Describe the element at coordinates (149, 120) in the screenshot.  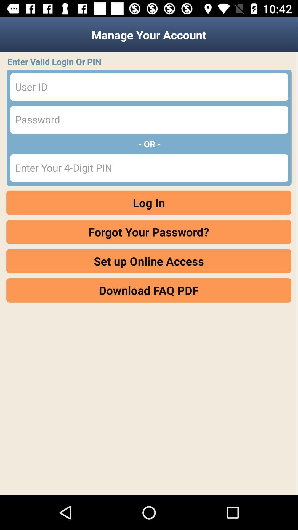
I see `type password` at that location.